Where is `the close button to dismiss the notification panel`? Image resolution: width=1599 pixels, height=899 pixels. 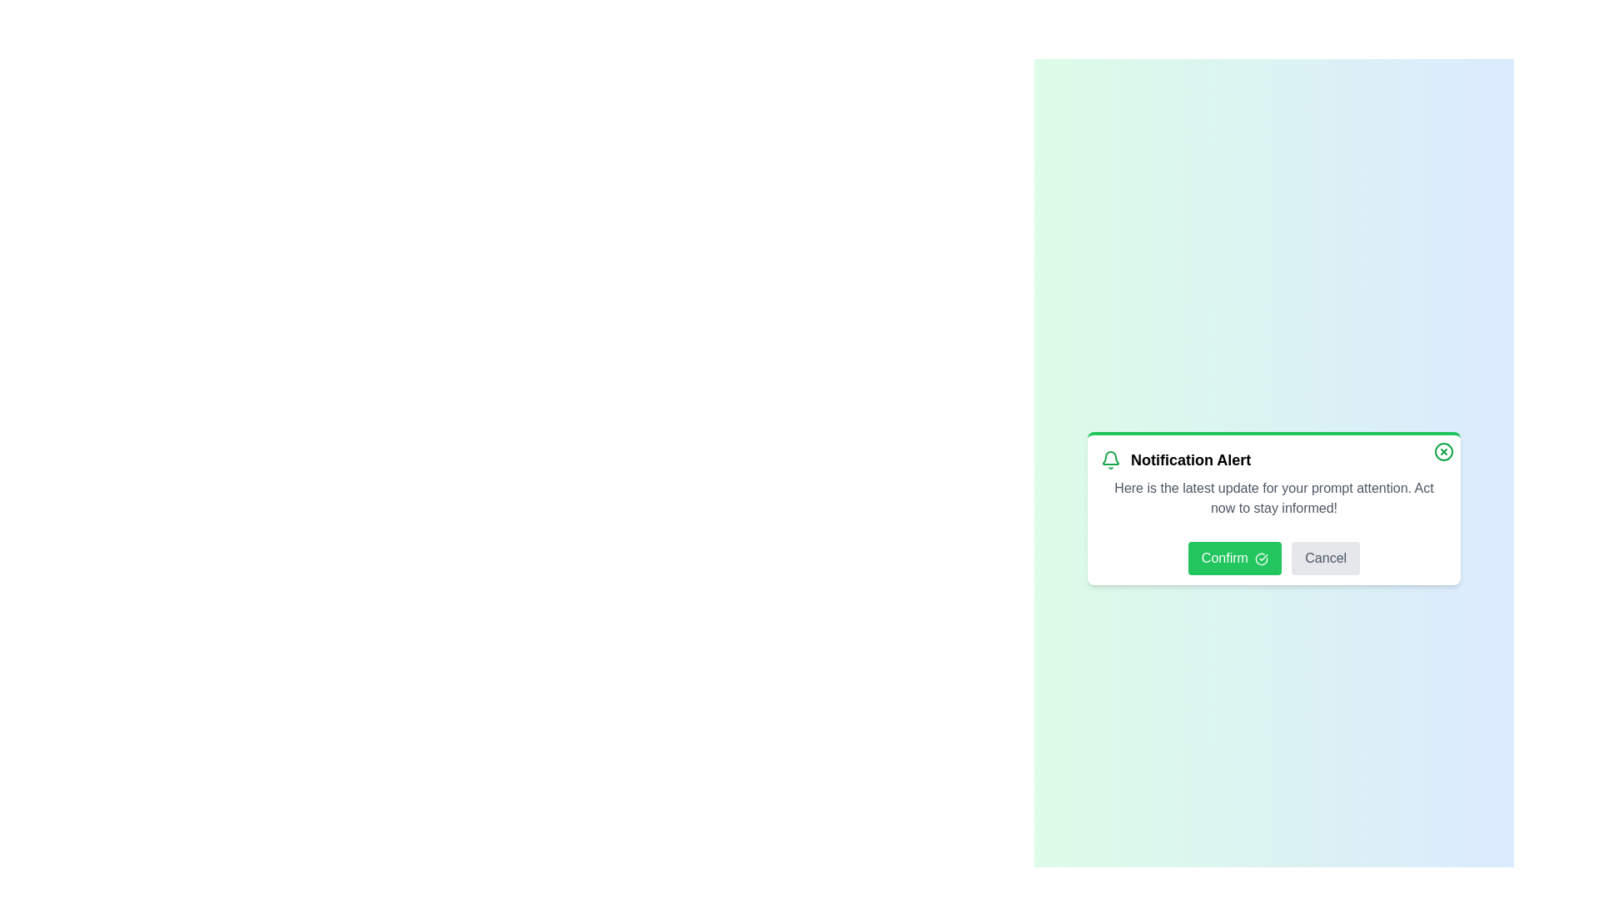
the close button to dismiss the notification panel is located at coordinates (1442, 452).